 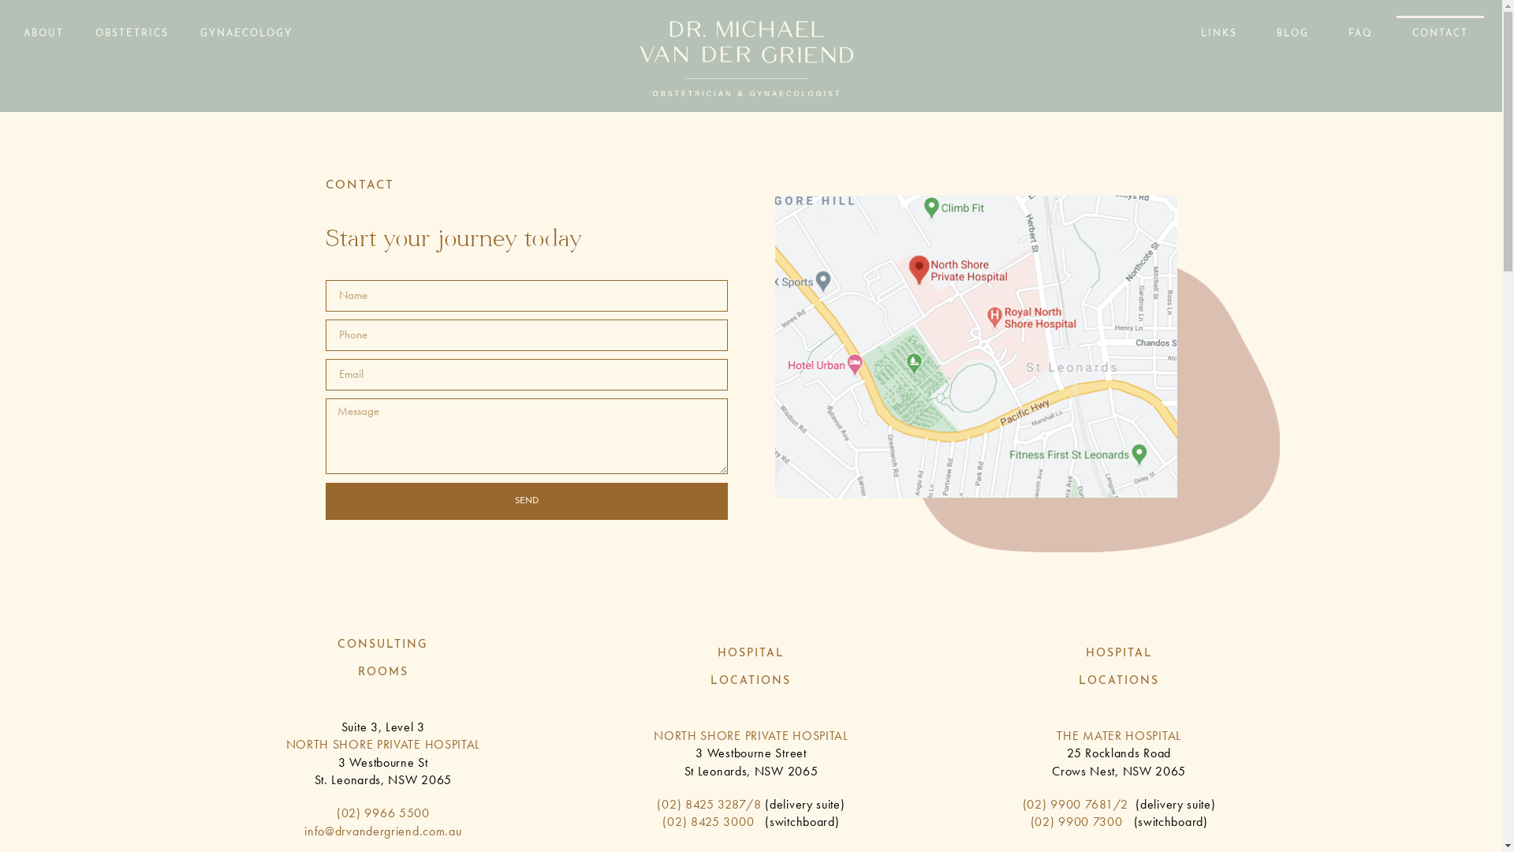 What do you see at coordinates (526, 501) in the screenshot?
I see `'SEND'` at bounding box center [526, 501].